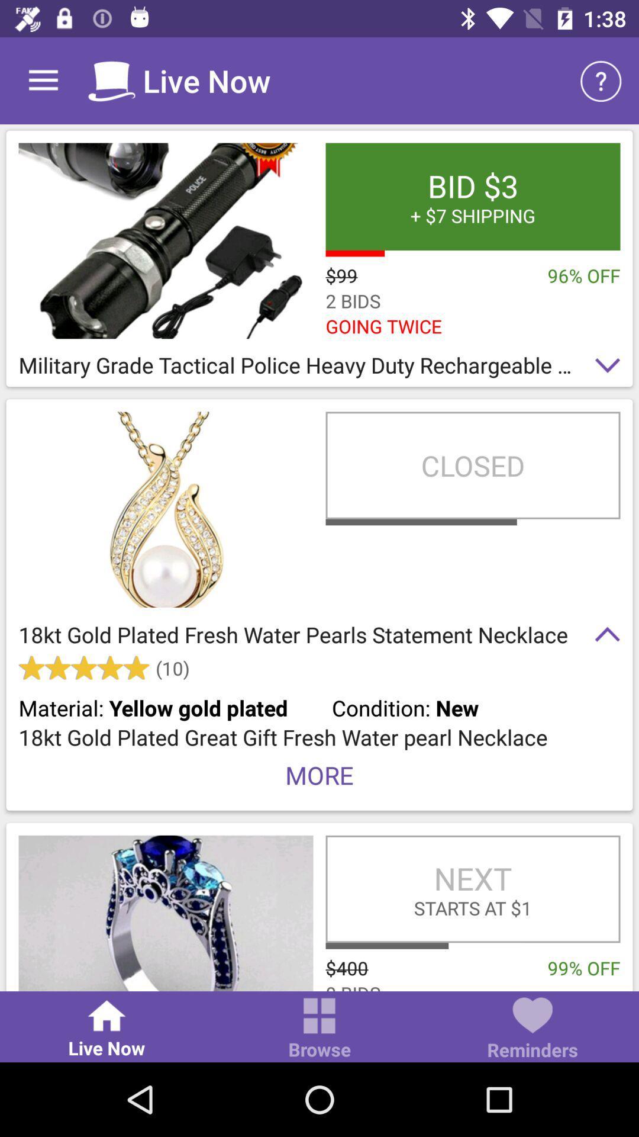 The height and width of the screenshot is (1137, 639). Describe the element at coordinates (472, 465) in the screenshot. I see `closed` at that location.